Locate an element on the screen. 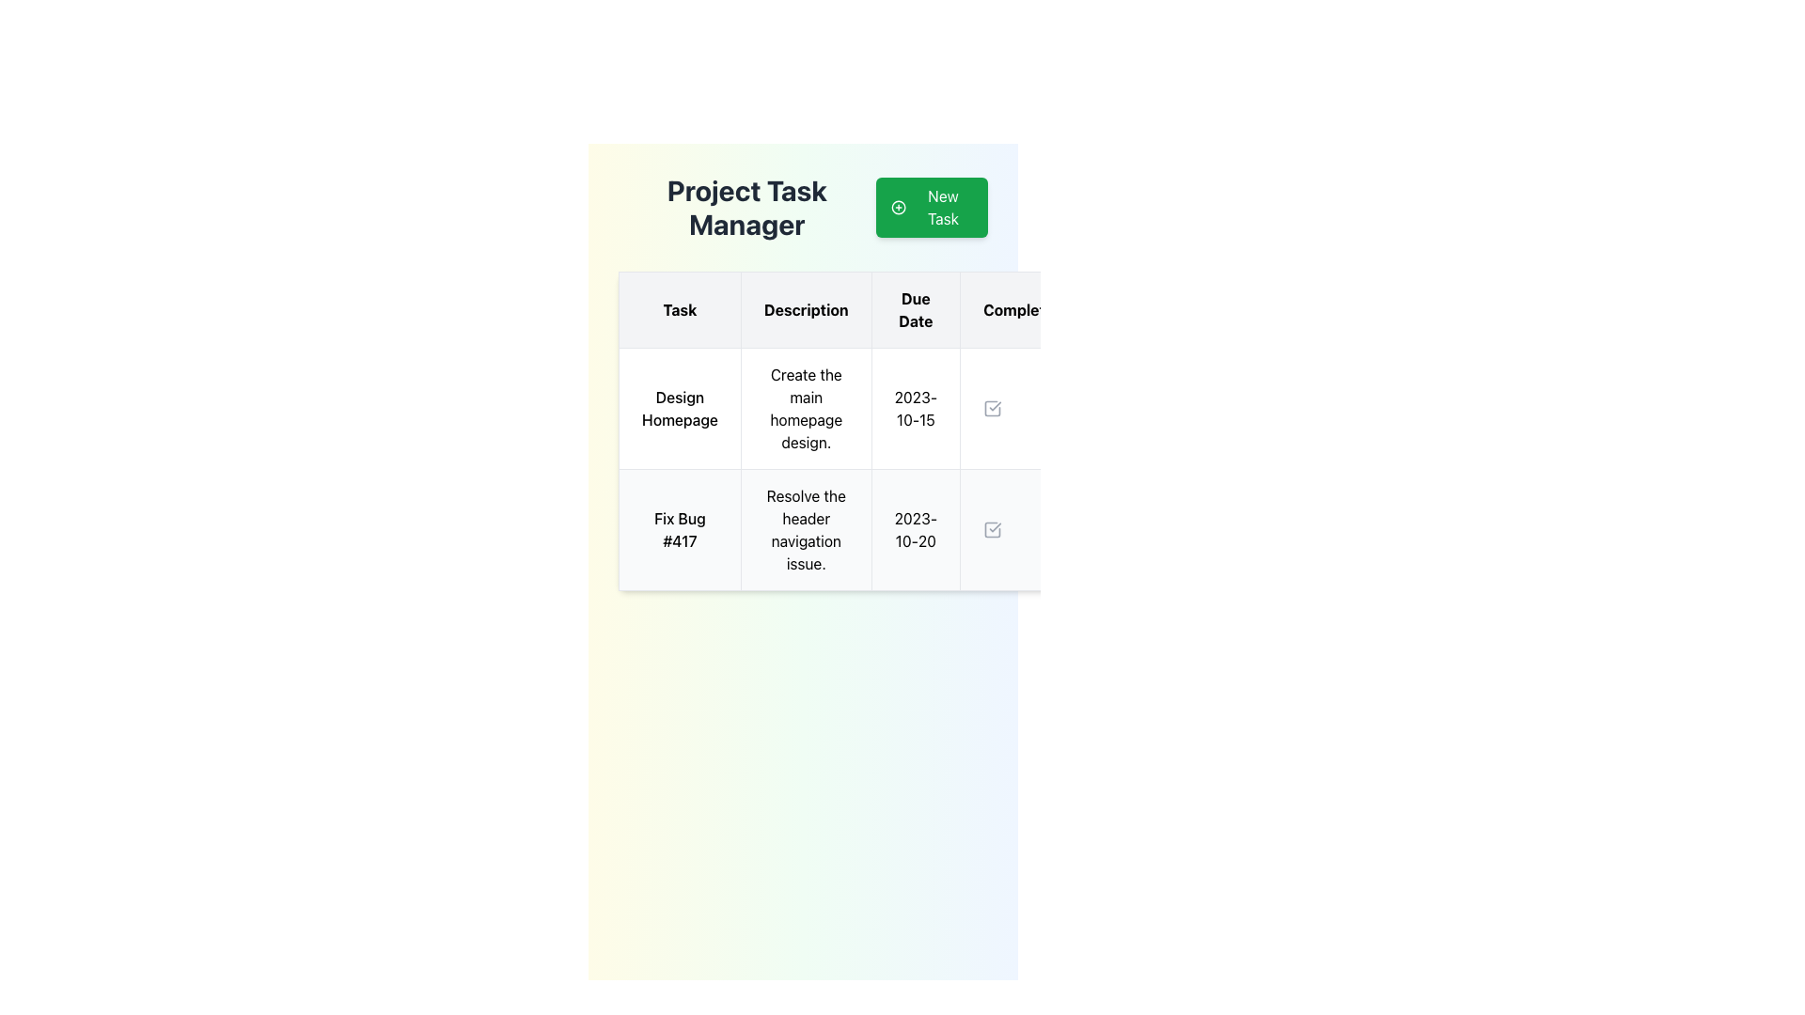  the empty TableCell located in the last column of the first row, which is directly to the right of the 'Due Date' column is located at coordinates (1127, 408).